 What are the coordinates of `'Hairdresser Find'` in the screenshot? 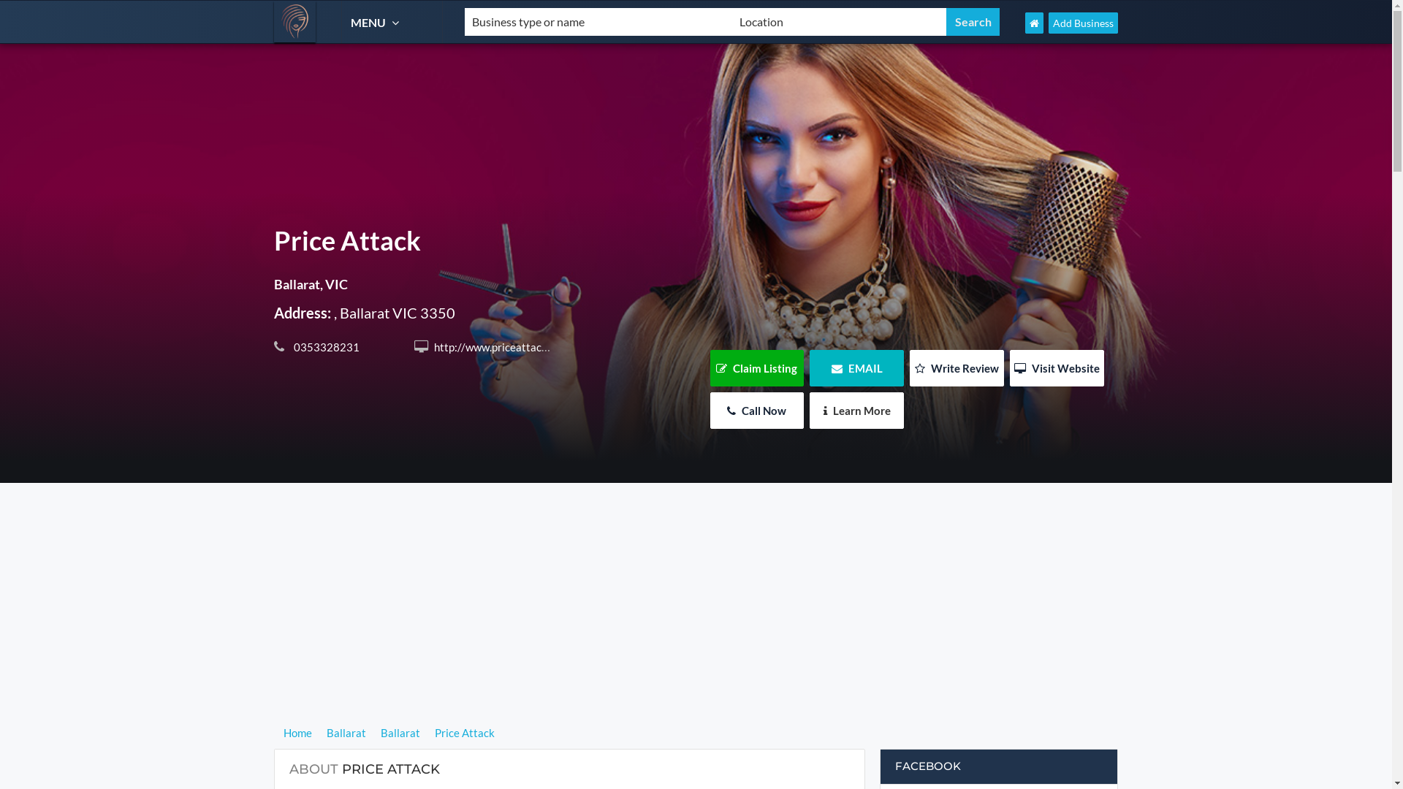 It's located at (294, 21).